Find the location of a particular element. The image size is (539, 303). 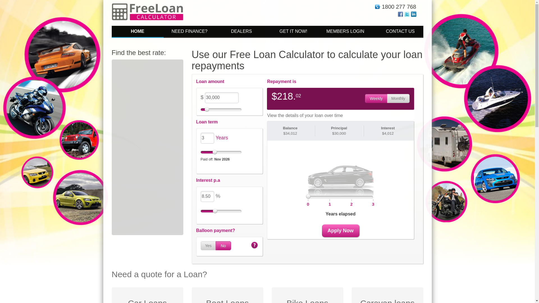

'DEALERS' is located at coordinates (241, 32).